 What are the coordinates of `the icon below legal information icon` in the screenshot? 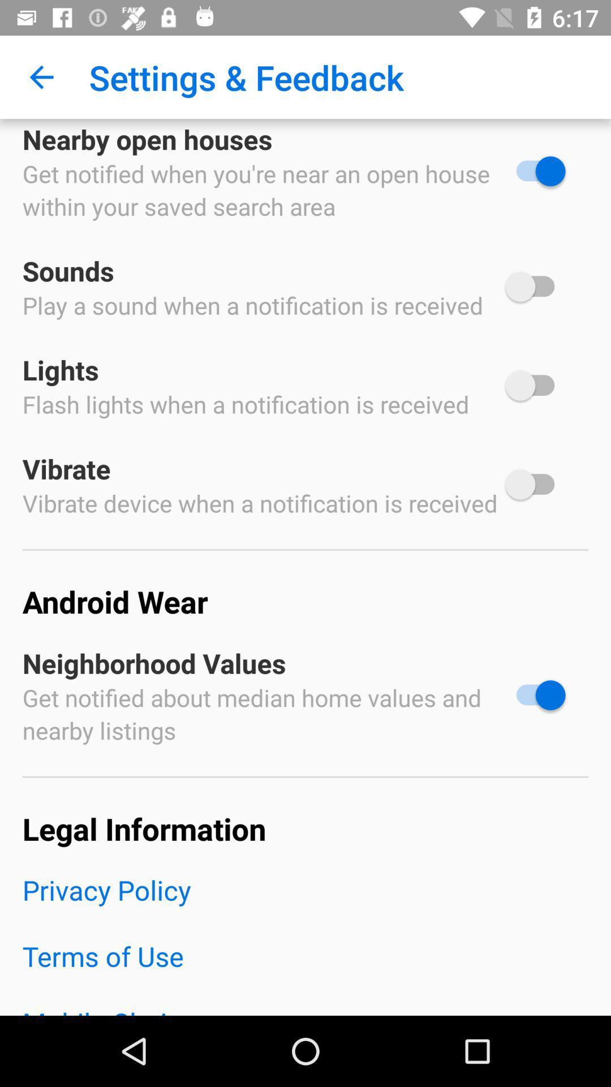 It's located at (305, 904).